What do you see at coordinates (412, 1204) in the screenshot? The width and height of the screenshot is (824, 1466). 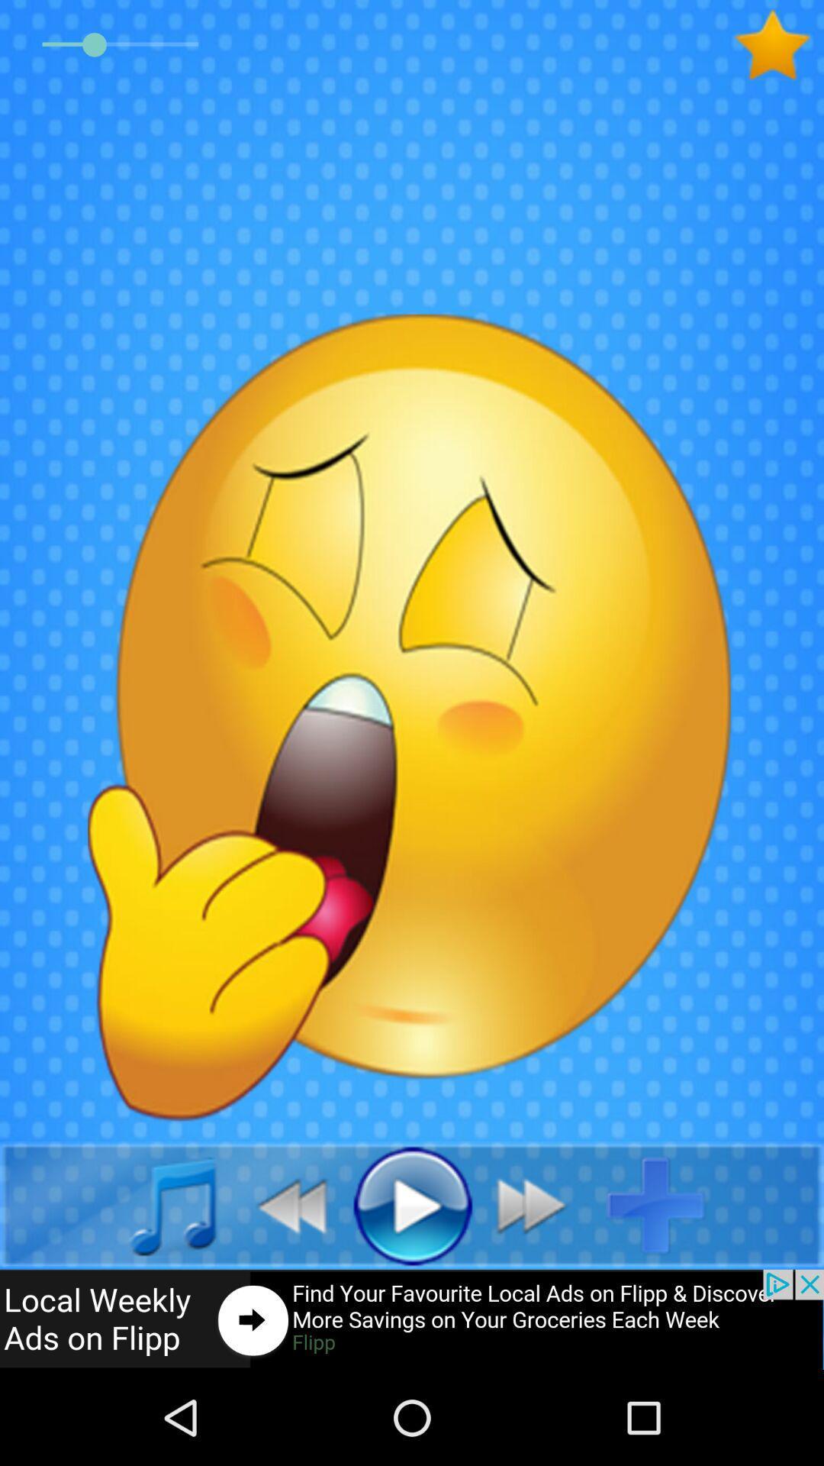 I see `media` at bounding box center [412, 1204].